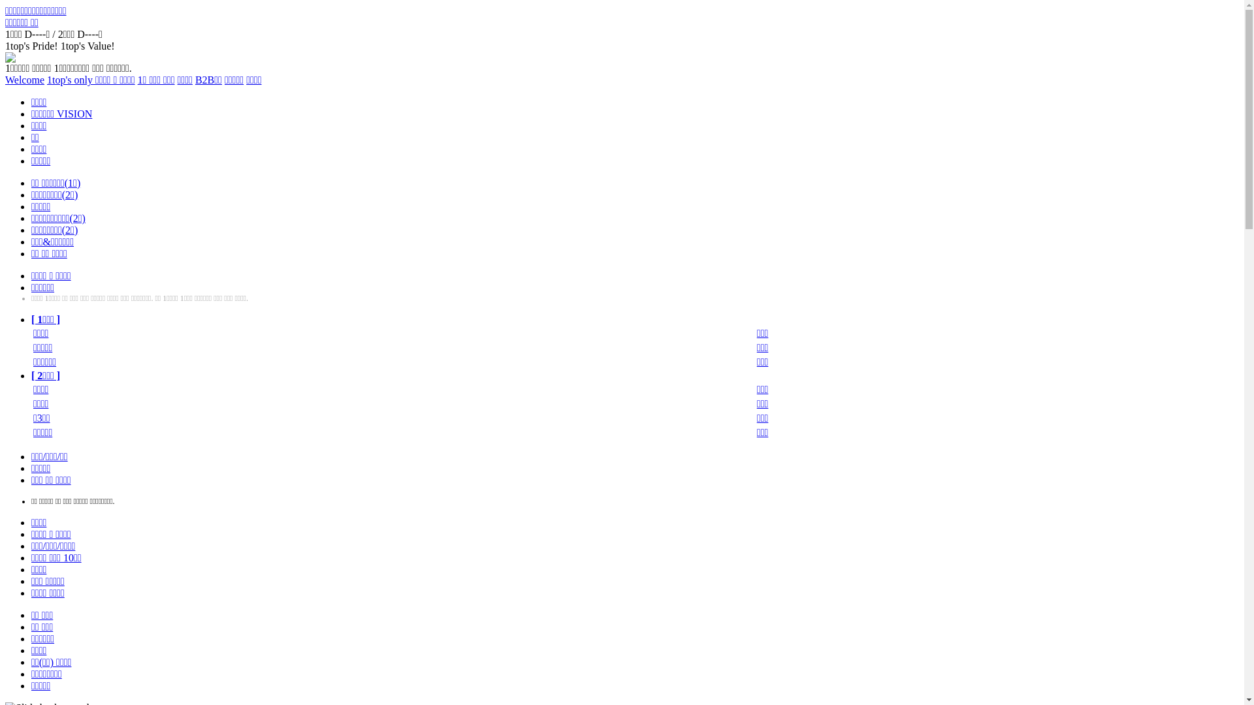 The image size is (1254, 705). Describe the element at coordinates (71, 80) in the screenshot. I see `'1top's only'` at that location.